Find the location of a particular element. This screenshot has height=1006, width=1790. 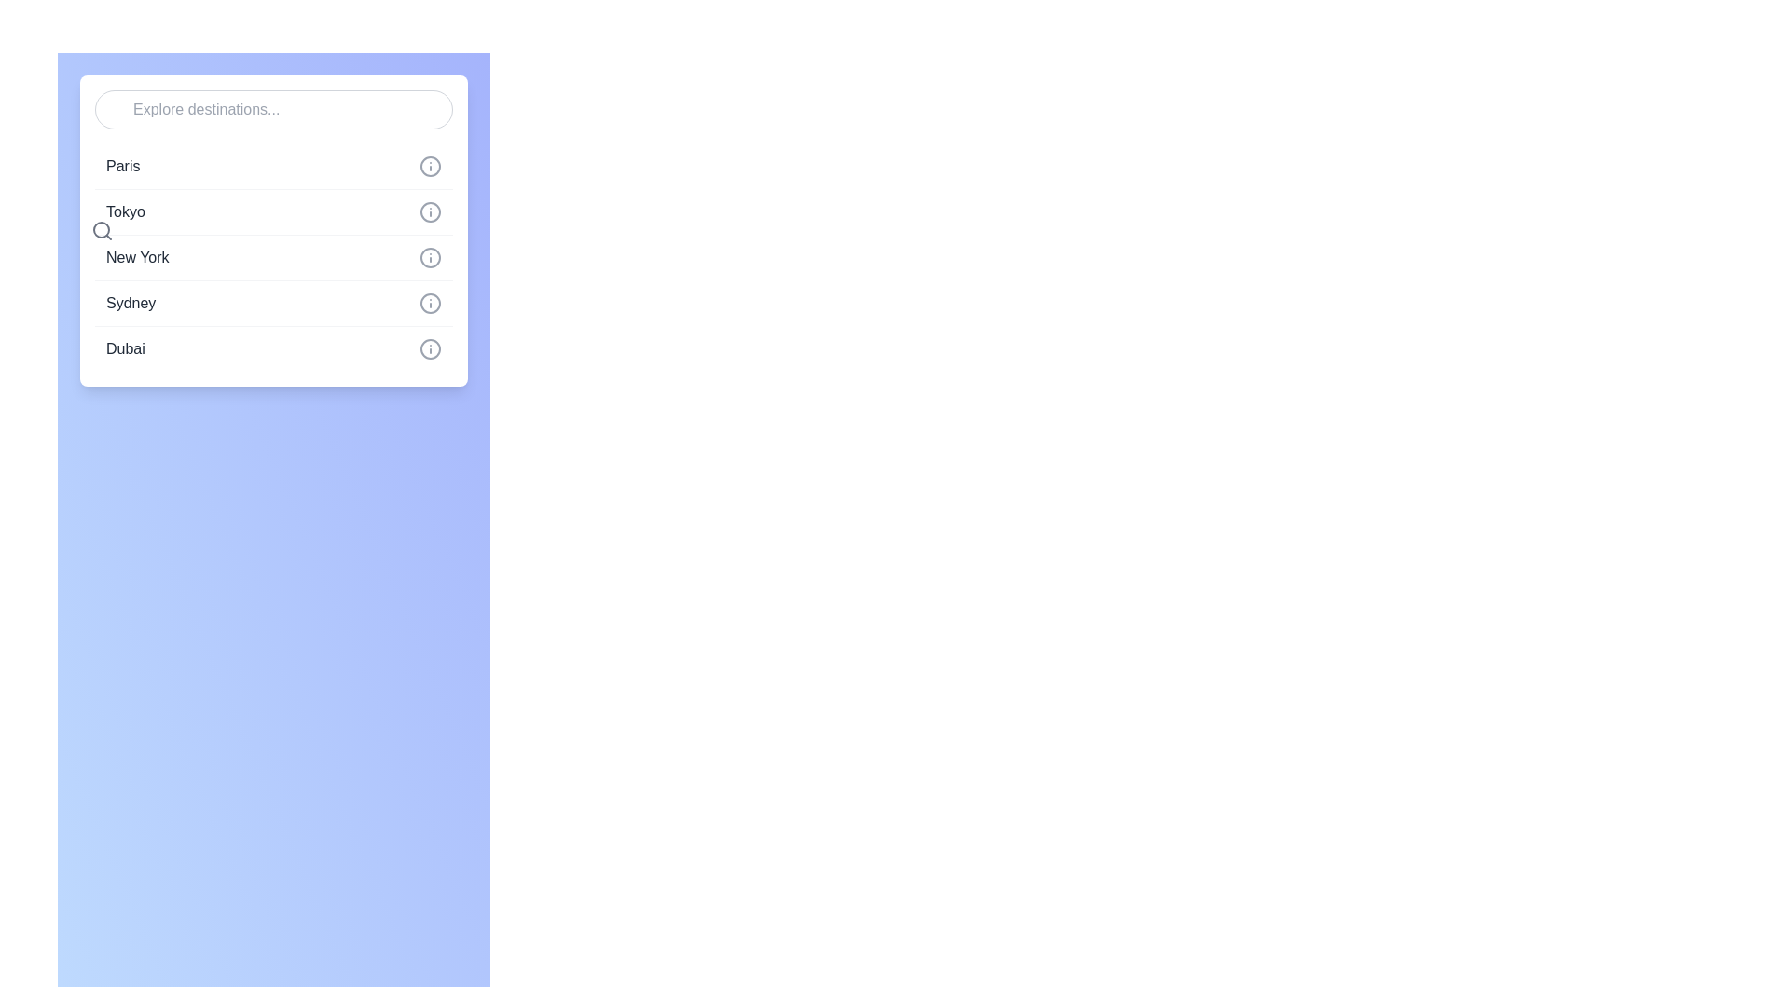

the informational icon located on the right side of the list item labeled 'Dubai' is located at coordinates (429, 348).